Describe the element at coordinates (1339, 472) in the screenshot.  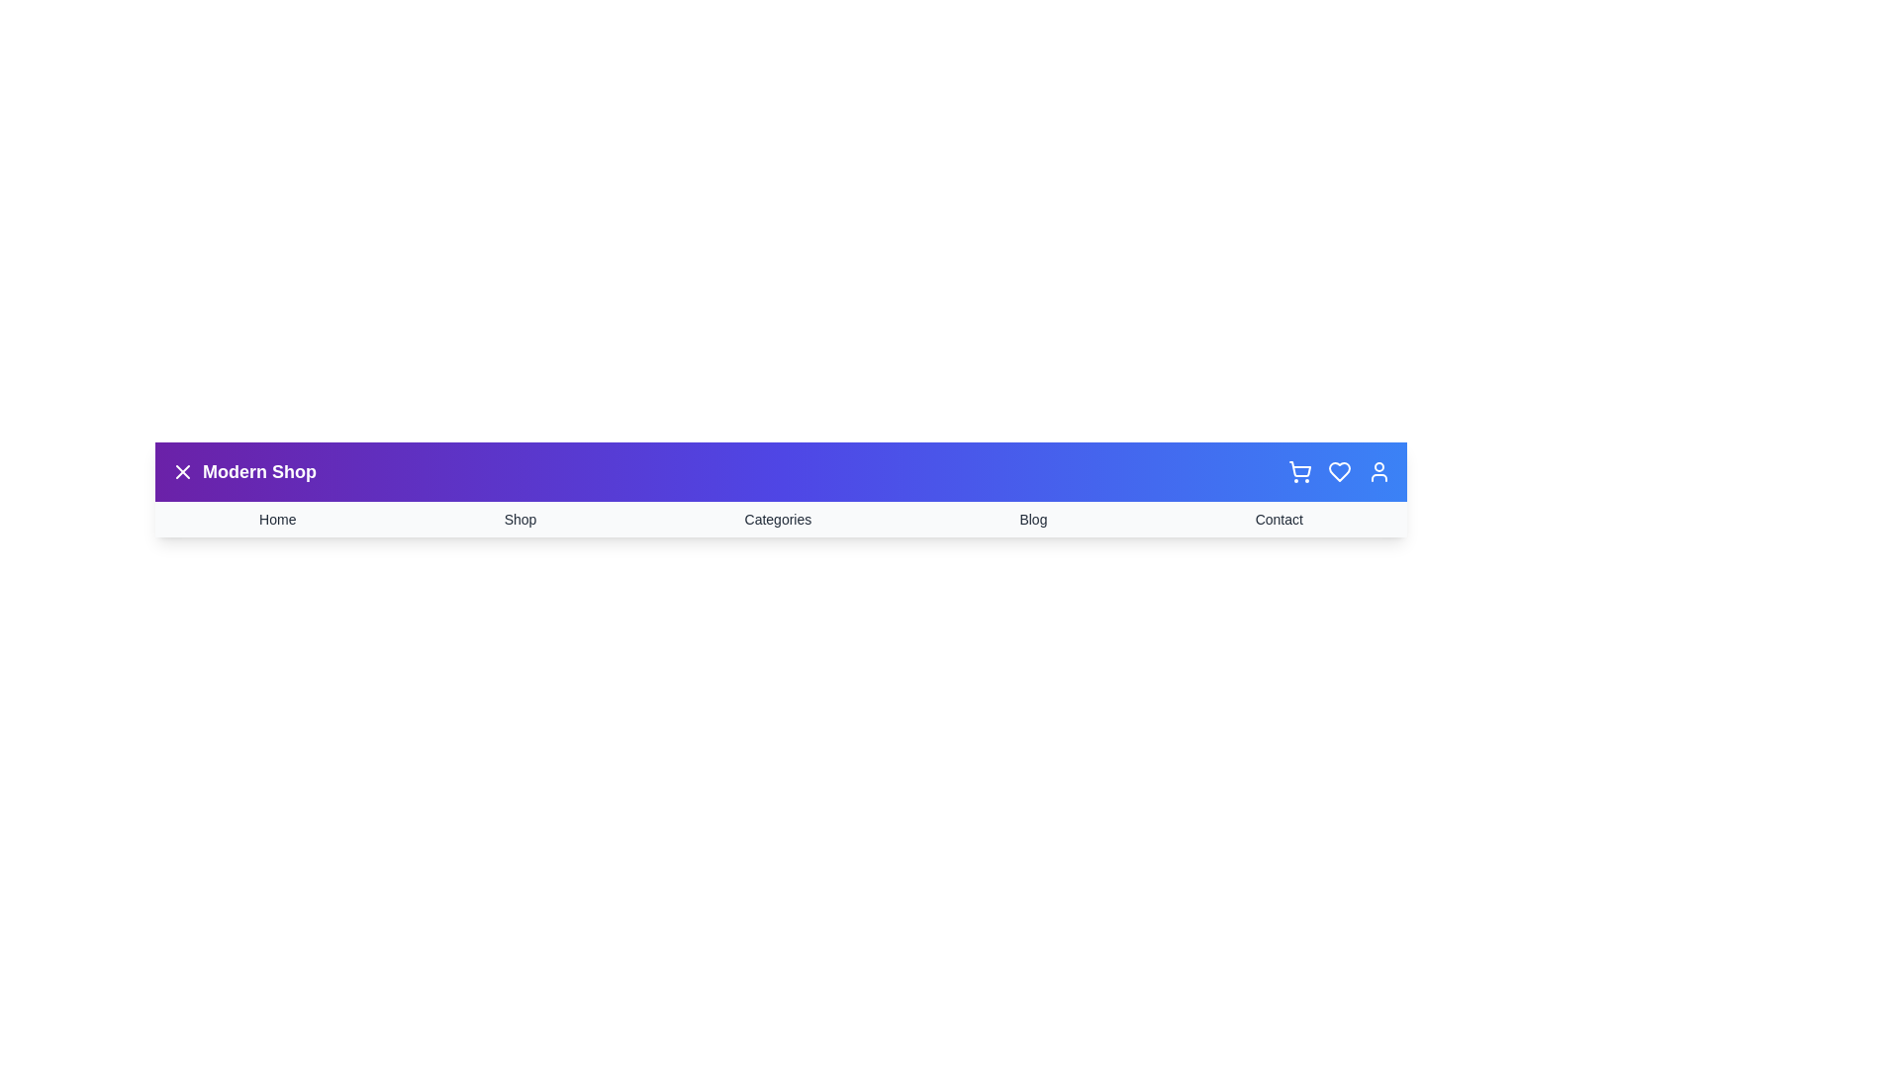
I see `the favorites icon to interact with it` at that location.